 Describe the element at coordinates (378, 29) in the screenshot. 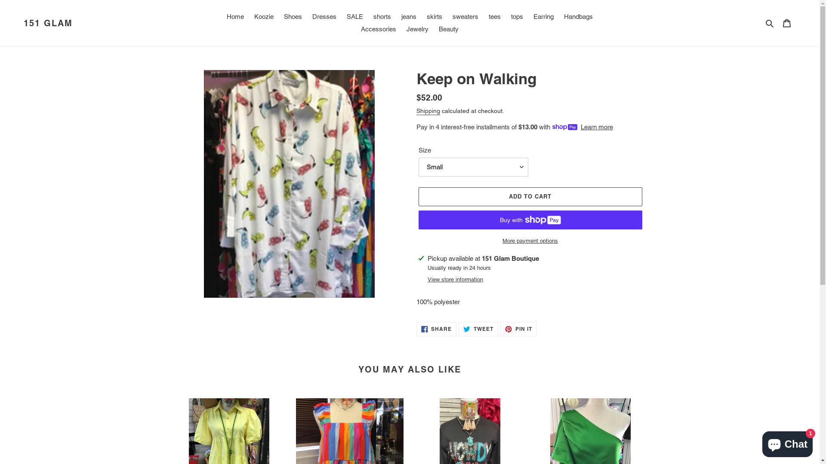

I see `'Accessories'` at that location.